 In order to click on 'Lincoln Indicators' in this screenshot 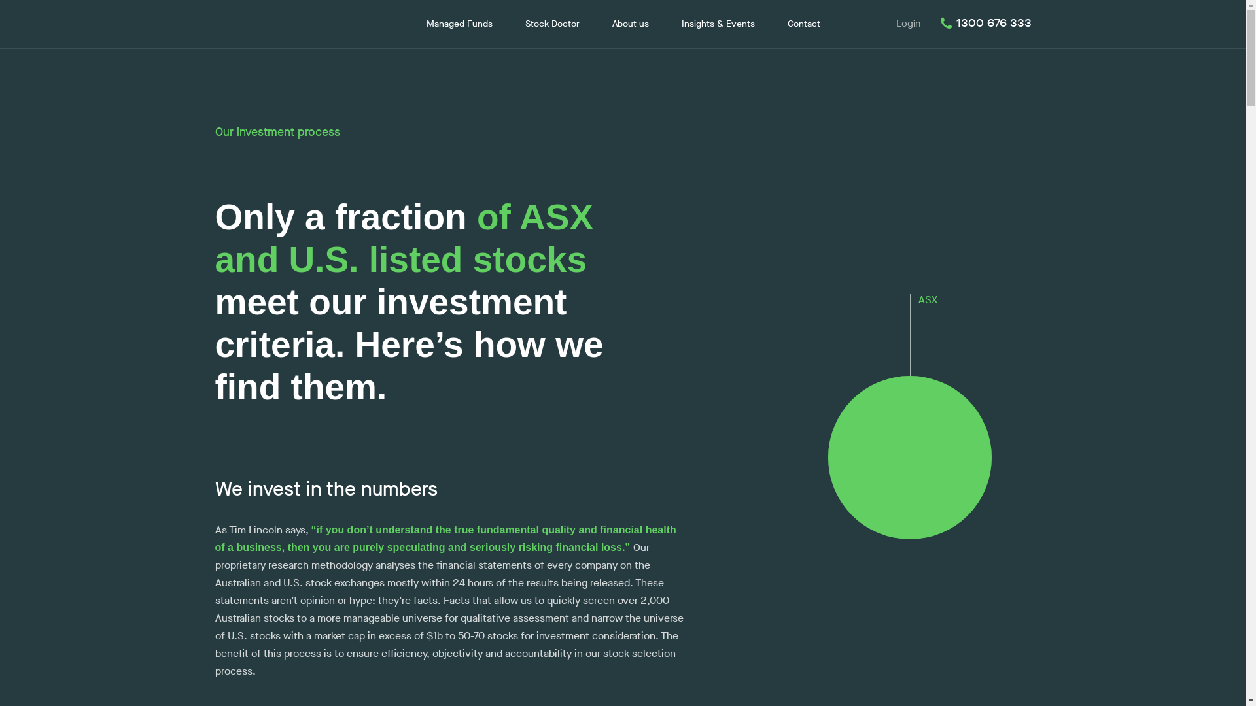, I will do `click(214, 24)`.